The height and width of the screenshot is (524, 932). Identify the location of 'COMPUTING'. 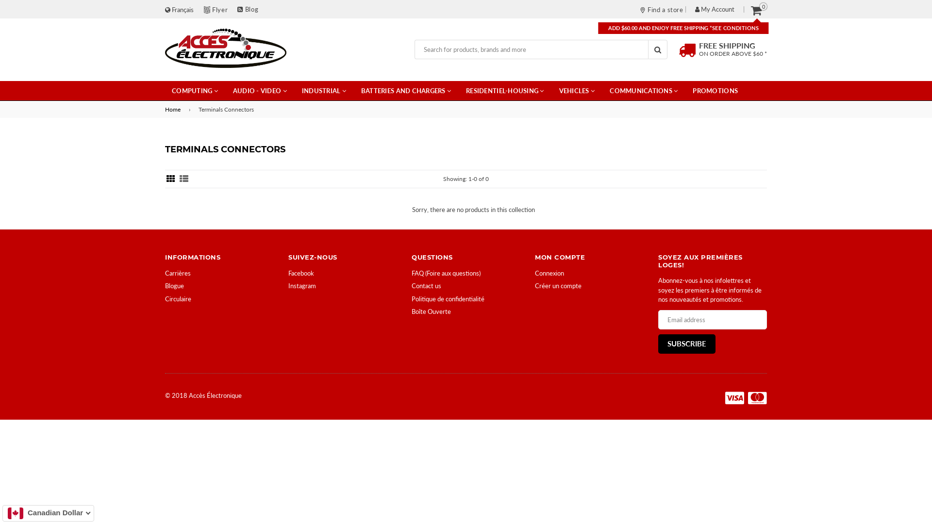
(165, 90).